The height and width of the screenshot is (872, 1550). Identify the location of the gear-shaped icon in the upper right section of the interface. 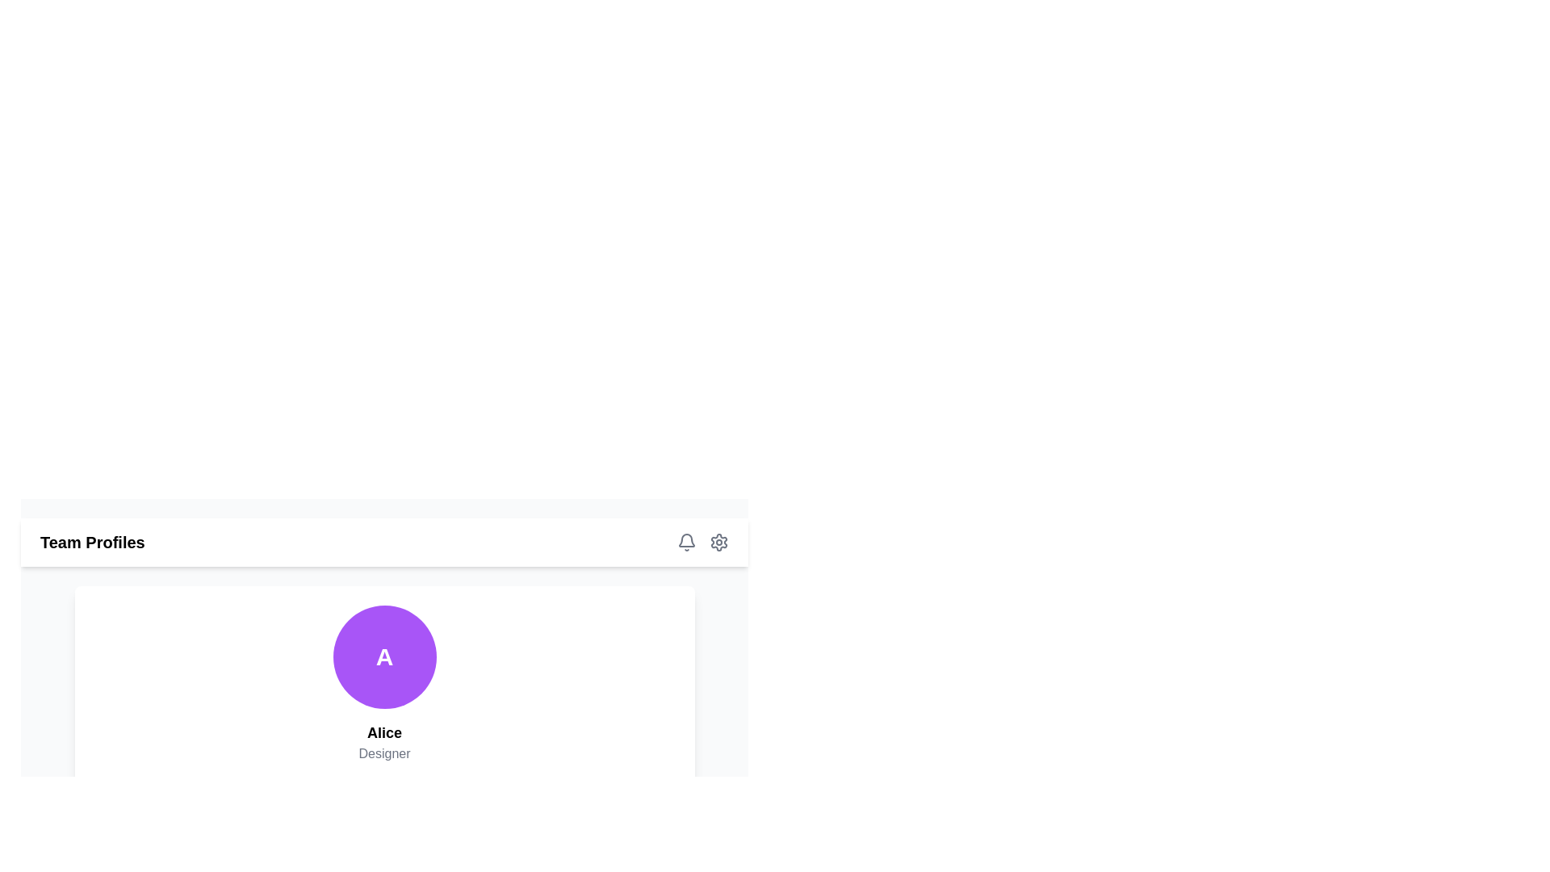
(718, 542).